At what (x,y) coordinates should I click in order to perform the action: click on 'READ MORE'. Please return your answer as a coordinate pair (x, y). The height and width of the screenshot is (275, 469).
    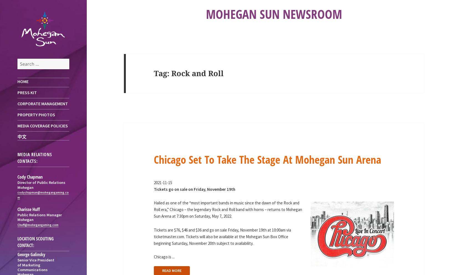
    Looking at the image, I should click on (171, 271).